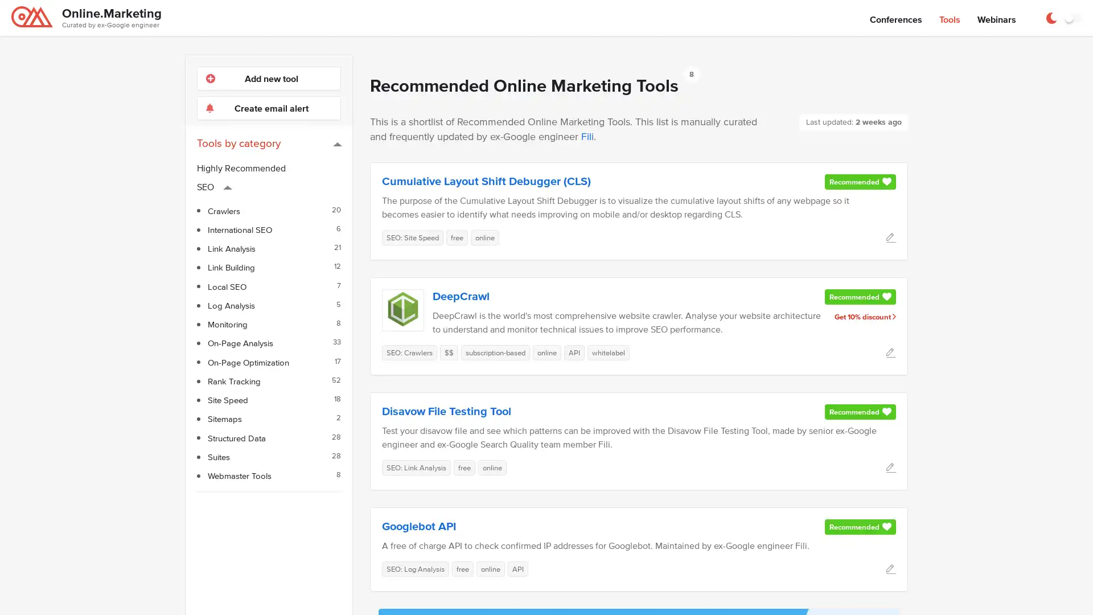  I want to click on online, so click(546, 351).